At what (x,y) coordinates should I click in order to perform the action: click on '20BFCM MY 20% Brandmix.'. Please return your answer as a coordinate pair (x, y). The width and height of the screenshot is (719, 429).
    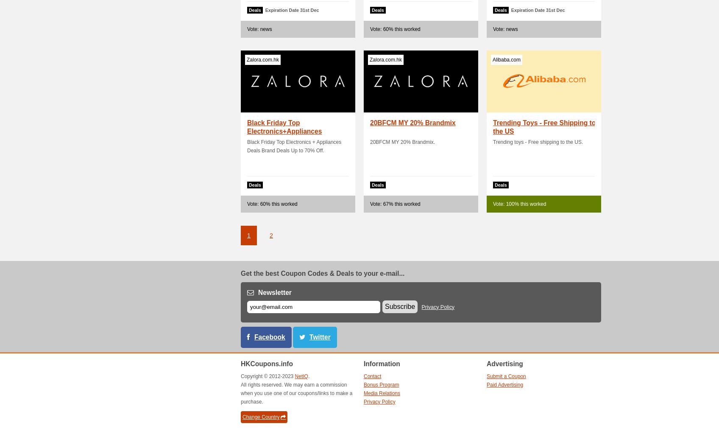
    Looking at the image, I should click on (402, 142).